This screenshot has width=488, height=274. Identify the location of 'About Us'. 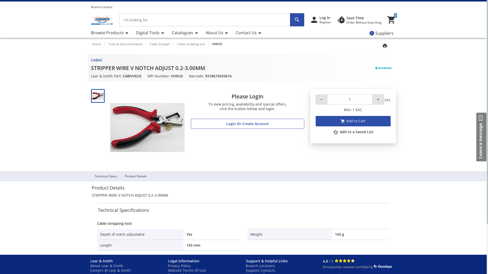
(201, 33).